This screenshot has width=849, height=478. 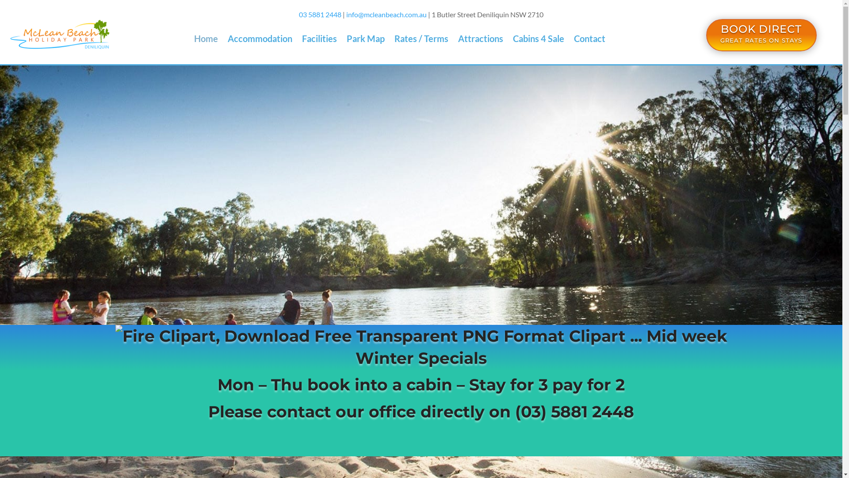 I want to click on 'McLean Beach Holiday Park', so click(x=8, y=34).